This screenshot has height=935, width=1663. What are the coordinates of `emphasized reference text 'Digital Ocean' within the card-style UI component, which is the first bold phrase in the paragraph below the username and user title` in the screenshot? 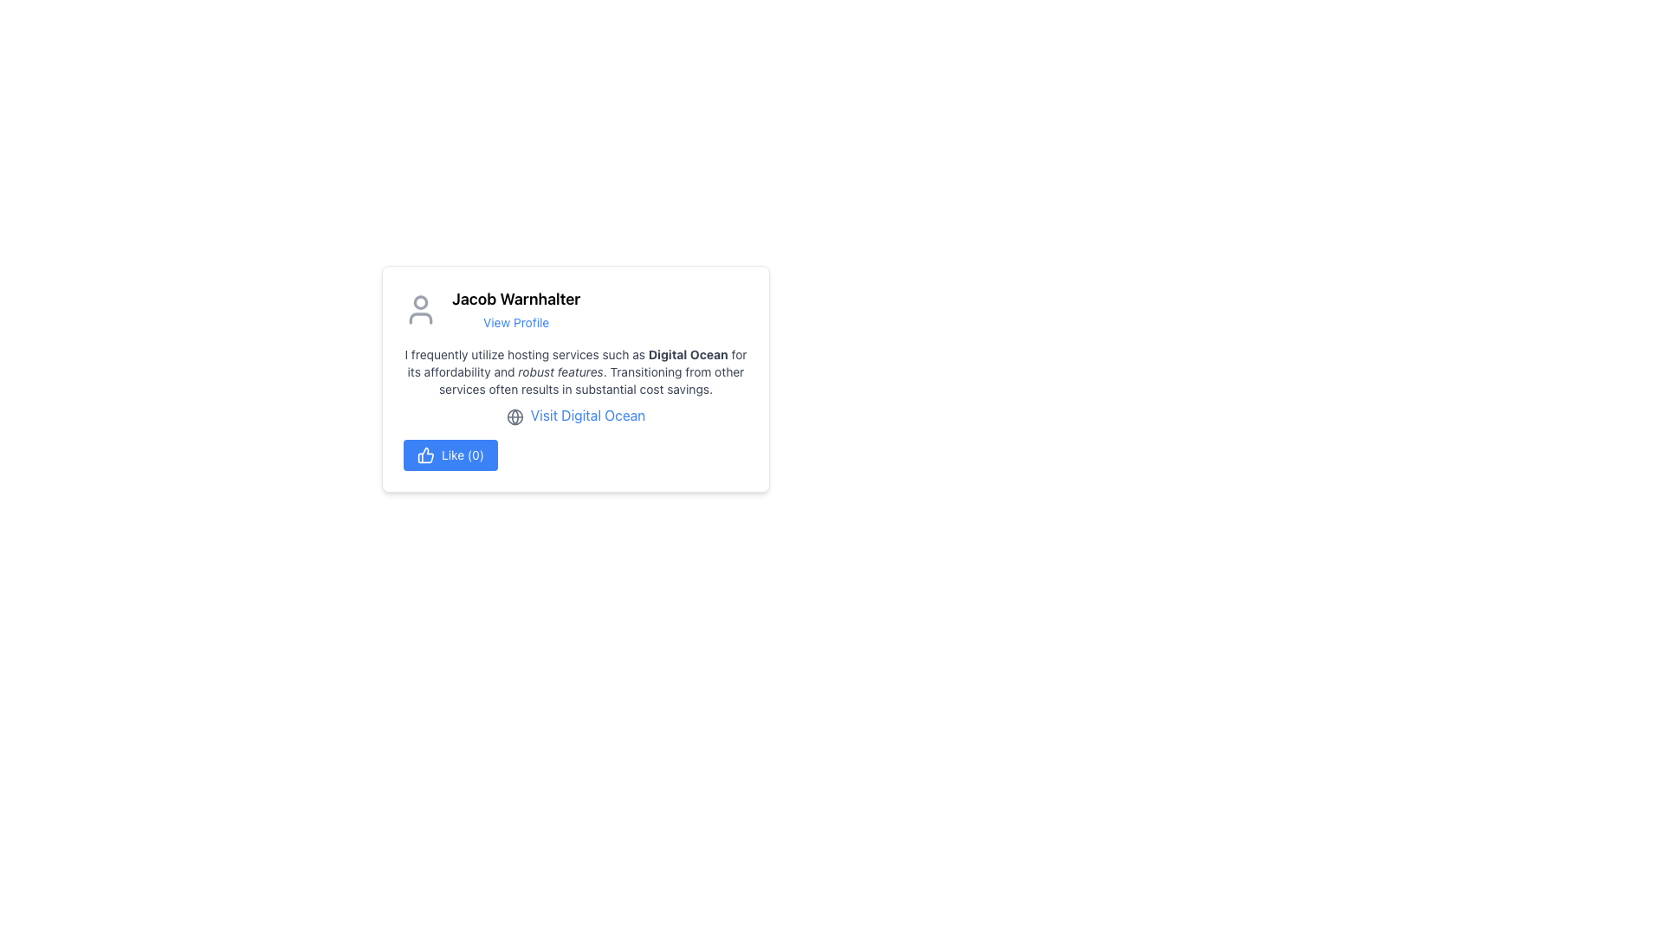 It's located at (687, 353).